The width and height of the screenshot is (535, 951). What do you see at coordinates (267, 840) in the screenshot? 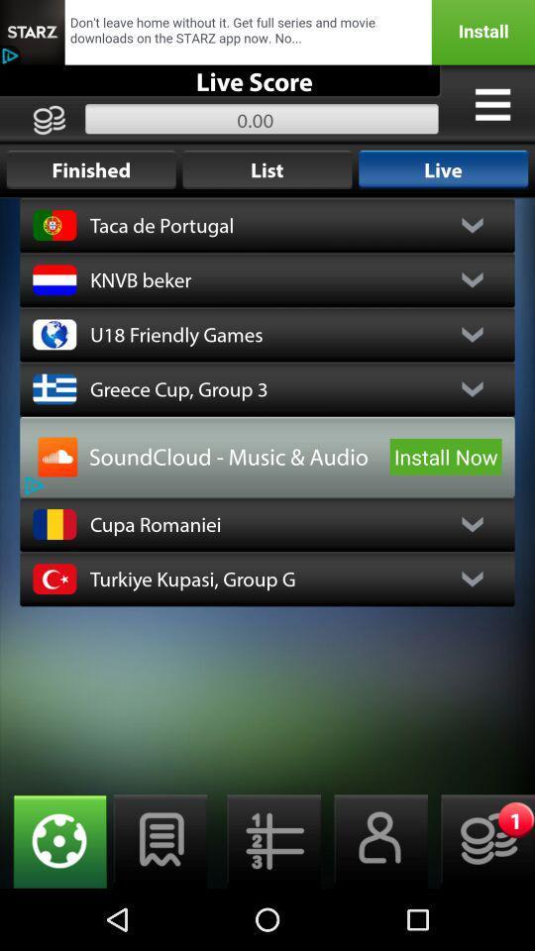
I see `menu button` at bounding box center [267, 840].